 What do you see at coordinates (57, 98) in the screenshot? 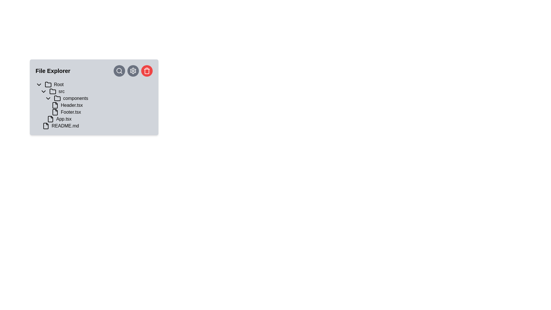
I see `the SVG-based folder icon located next to the text 'components'` at bounding box center [57, 98].